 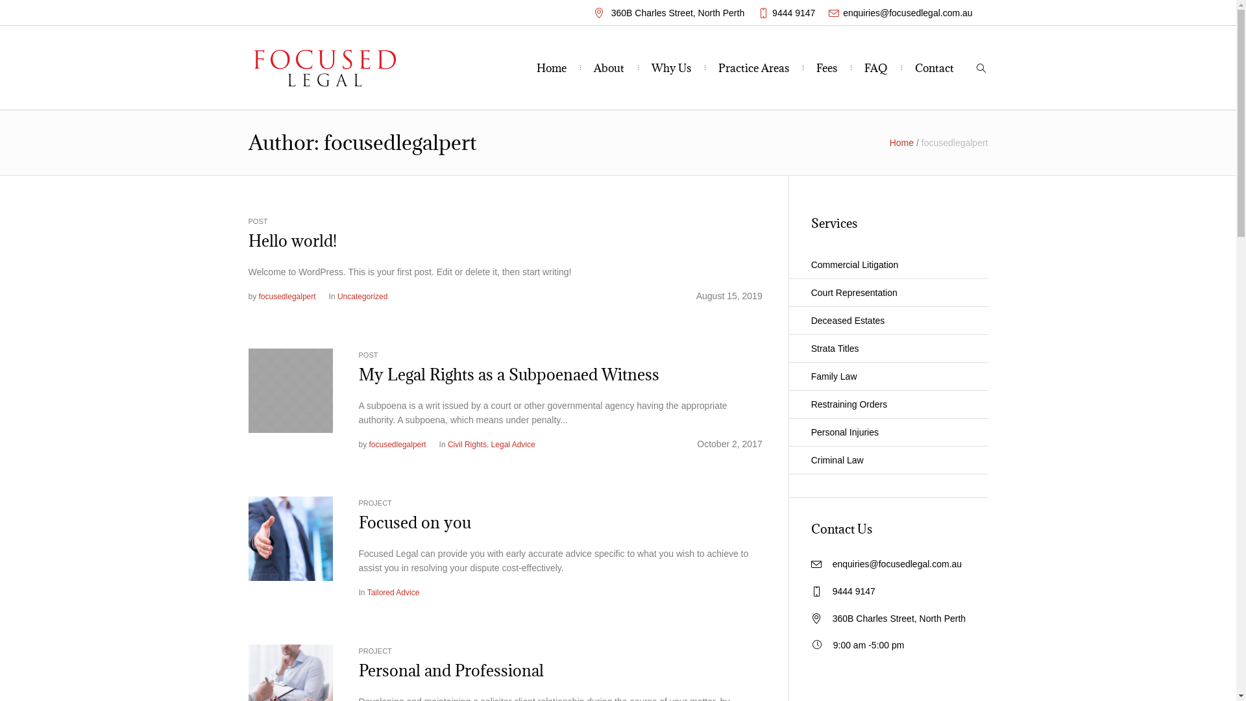 I want to click on 'Court Representation', so click(x=887, y=293).